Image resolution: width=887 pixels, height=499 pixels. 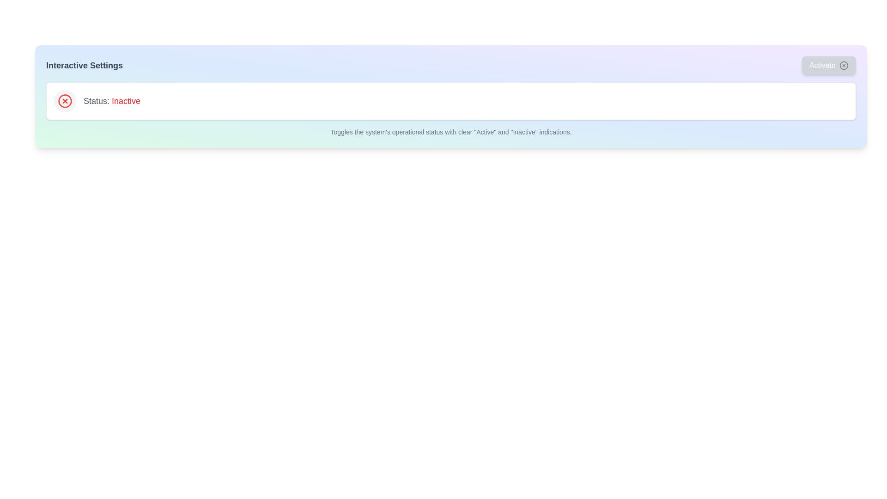 What do you see at coordinates (829, 65) in the screenshot?
I see `the 'Activate' button with a gray background and rounded corners, positioned in the top-right corner of the 'Interactive Settings' section` at bounding box center [829, 65].